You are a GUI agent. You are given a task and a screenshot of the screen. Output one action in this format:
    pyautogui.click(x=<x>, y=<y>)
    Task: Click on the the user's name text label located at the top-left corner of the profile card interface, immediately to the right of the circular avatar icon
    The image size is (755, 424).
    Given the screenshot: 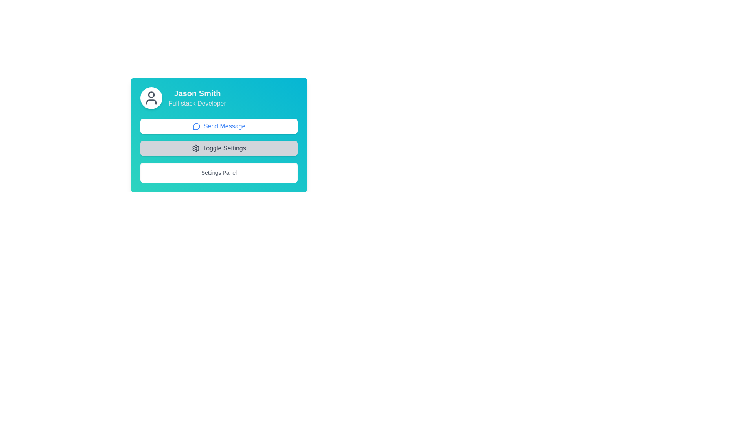 What is the action you would take?
    pyautogui.click(x=197, y=93)
    